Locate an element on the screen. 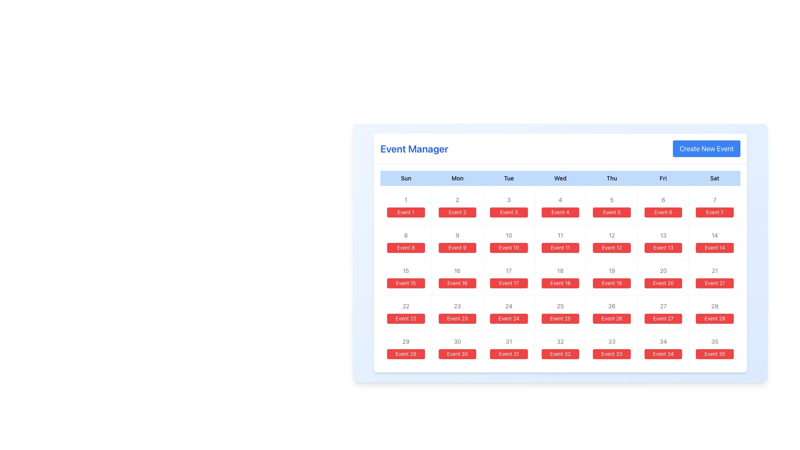  the red button labeled 'Event 28' located in the bottom row of the calendar interface, which is positioned below the cell labeled '28' in the Saturday column is located at coordinates (714, 318).